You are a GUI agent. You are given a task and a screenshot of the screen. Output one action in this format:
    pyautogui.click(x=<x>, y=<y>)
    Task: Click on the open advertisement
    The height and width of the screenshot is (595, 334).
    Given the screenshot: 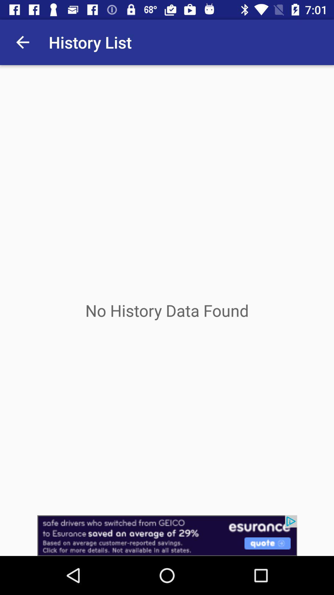 What is the action you would take?
    pyautogui.click(x=167, y=535)
    